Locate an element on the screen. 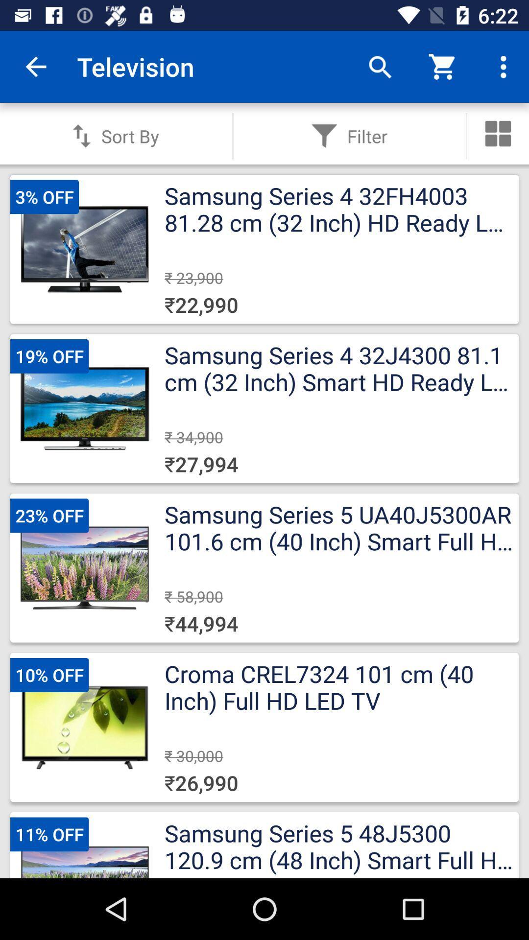 The height and width of the screenshot is (940, 529). the second icon right to the text television is located at coordinates (443, 66).